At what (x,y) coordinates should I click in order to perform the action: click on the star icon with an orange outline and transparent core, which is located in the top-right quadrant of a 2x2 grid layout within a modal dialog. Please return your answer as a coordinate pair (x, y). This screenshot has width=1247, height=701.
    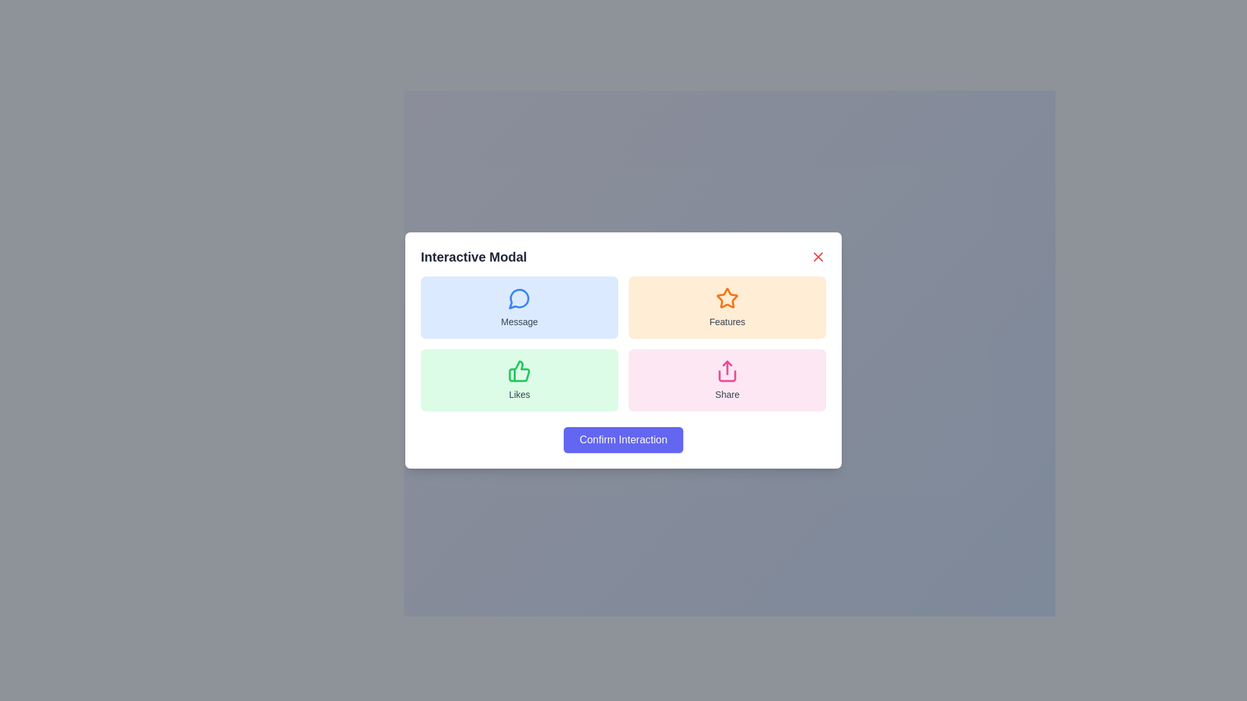
    Looking at the image, I should click on (726, 298).